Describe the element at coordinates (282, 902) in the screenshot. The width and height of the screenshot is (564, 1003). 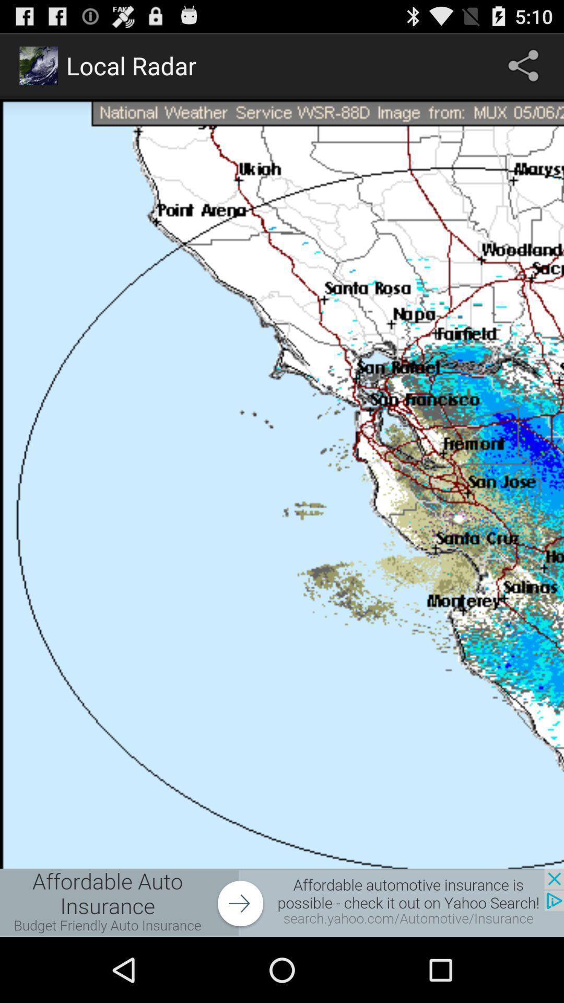
I see `advertisement` at that location.